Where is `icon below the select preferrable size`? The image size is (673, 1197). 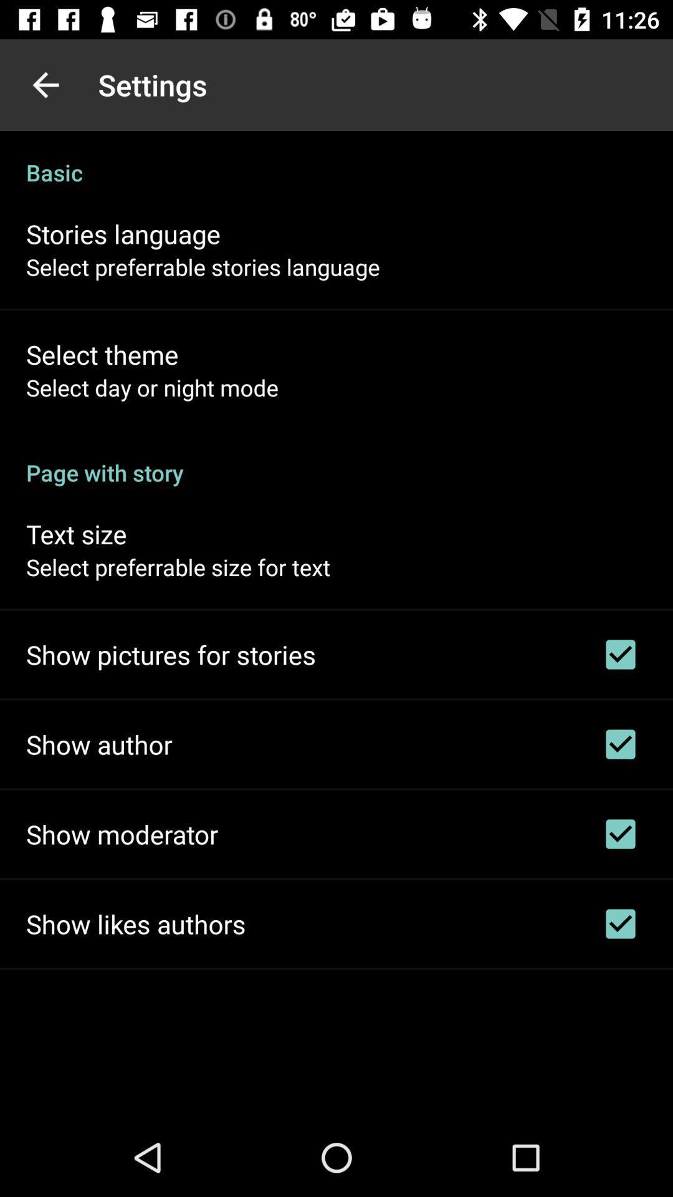
icon below the select preferrable size is located at coordinates (171, 654).